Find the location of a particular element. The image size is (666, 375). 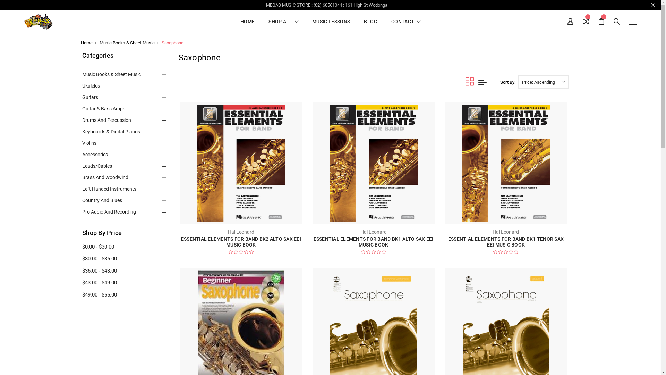

'CONTACT' is located at coordinates (406, 25).